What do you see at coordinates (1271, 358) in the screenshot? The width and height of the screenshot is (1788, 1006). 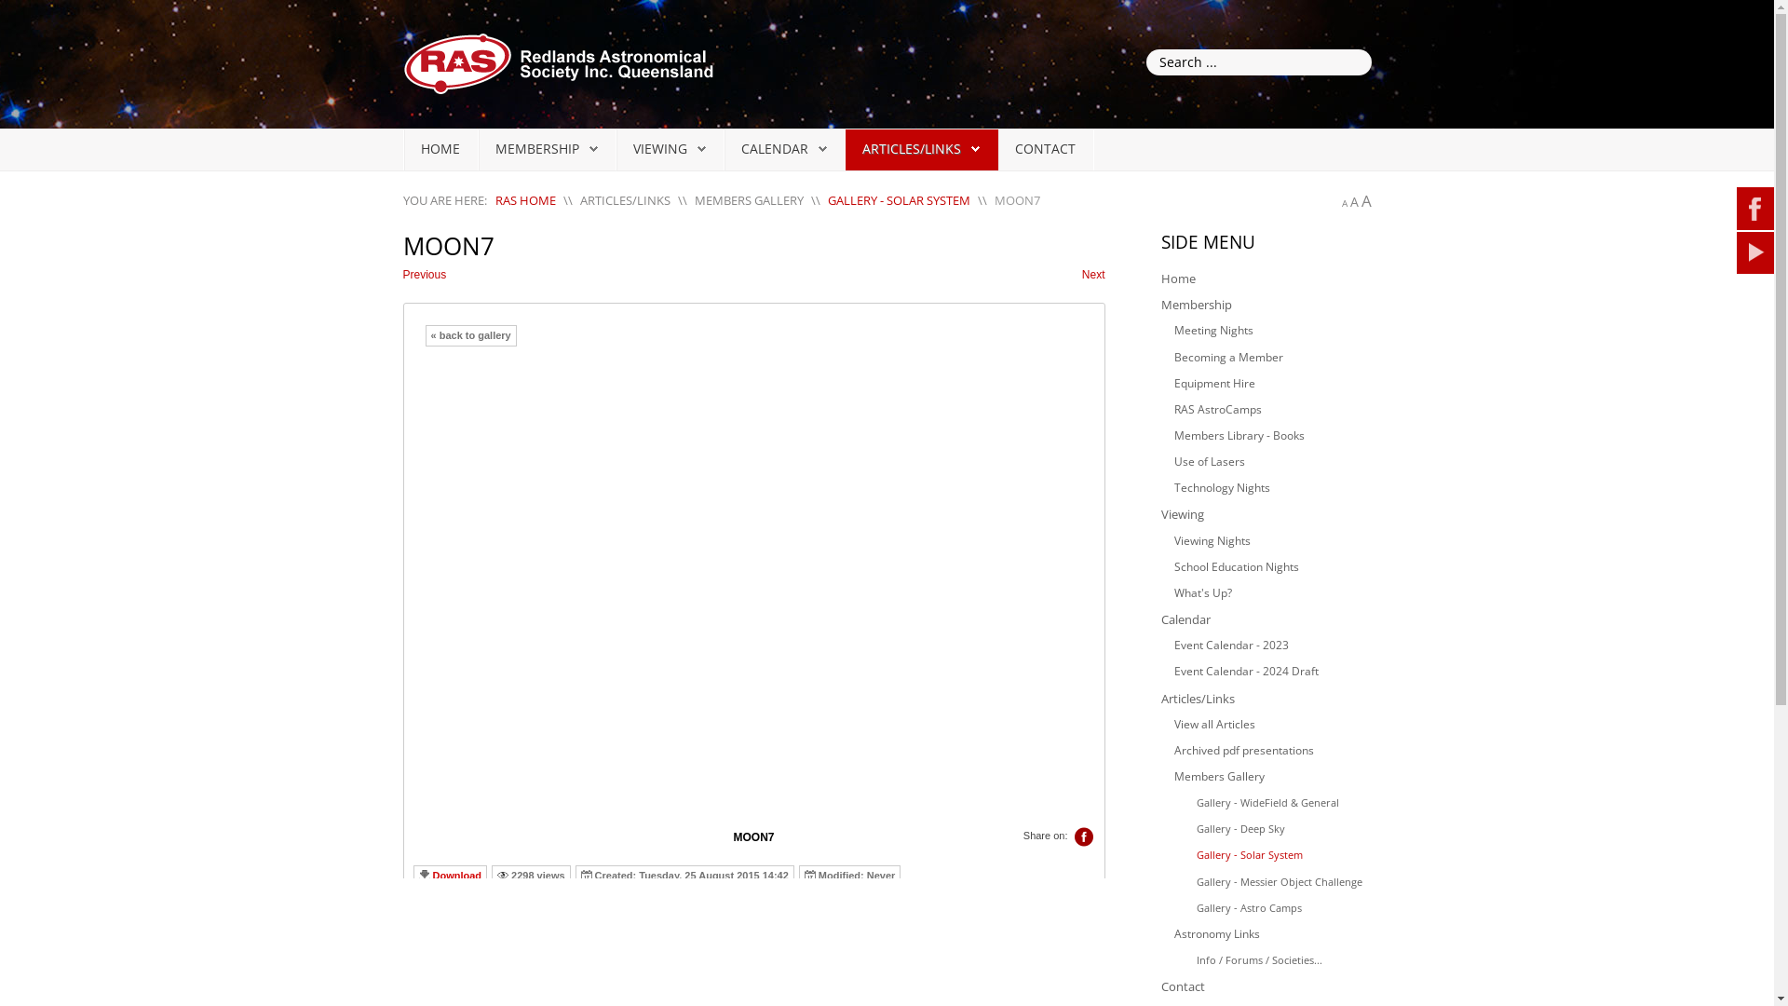 I see `'Becoming a Member'` at bounding box center [1271, 358].